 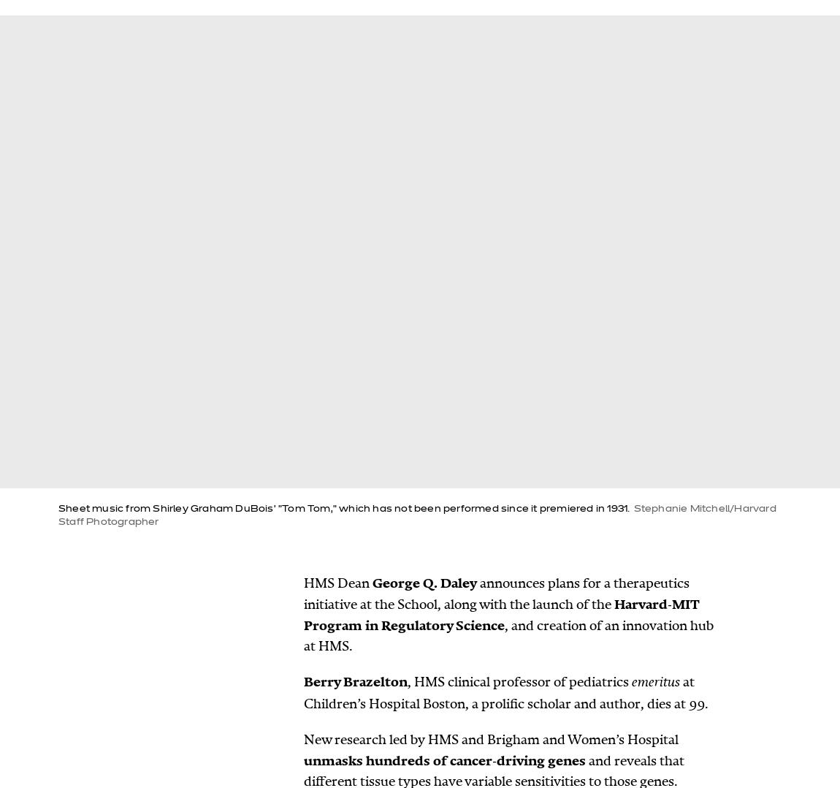 I want to click on 'Stephanie Mitchell/Harvard Staff Photographer', so click(x=416, y=515).